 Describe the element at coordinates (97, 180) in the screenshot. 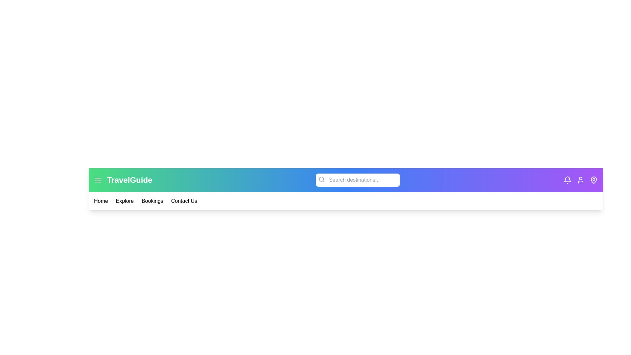

I see `the menu icon to toggle the menu visibility` at that location.